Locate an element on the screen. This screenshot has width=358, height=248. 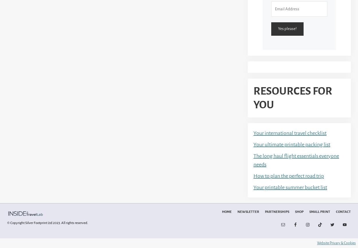
'Shop' is located at coordinates (299, 211).